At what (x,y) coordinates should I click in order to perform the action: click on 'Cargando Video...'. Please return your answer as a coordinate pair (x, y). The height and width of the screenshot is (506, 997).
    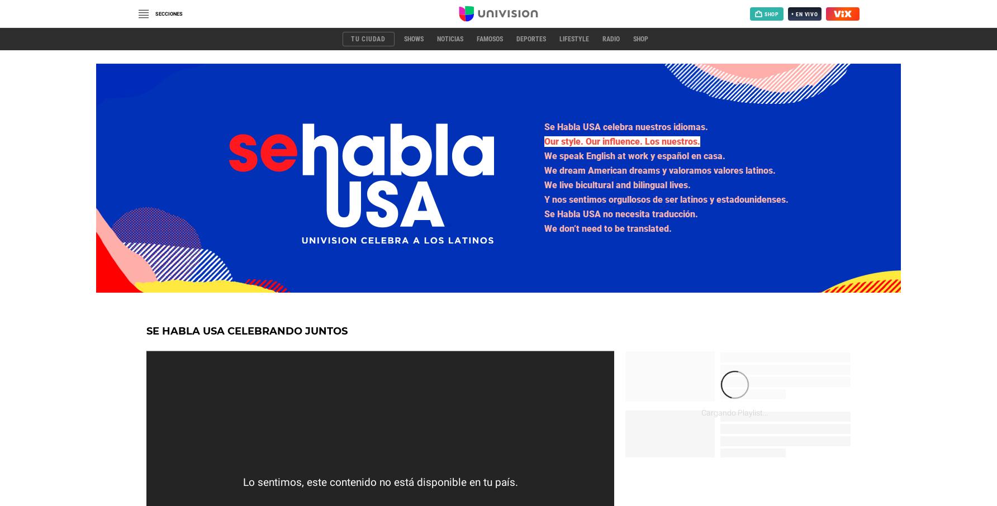
    Looking at the image, I should click on (380, 500).